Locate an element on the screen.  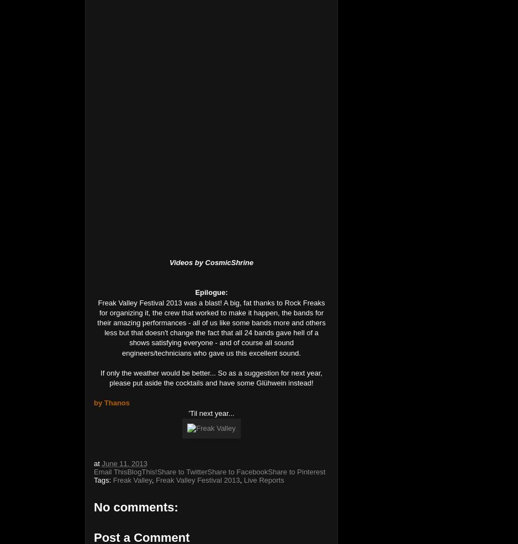
'Videos by CosmicShrine' is located at coordinates (210, 261).